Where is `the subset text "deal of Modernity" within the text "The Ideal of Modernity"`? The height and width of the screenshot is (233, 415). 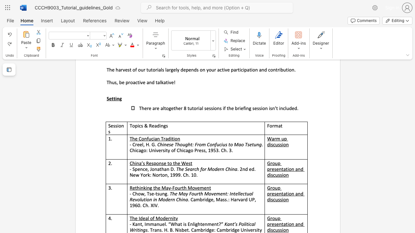
the subset text "deal of Modernity" within the text "The Ideal of Modernity" is located at coordinates (139, 218).